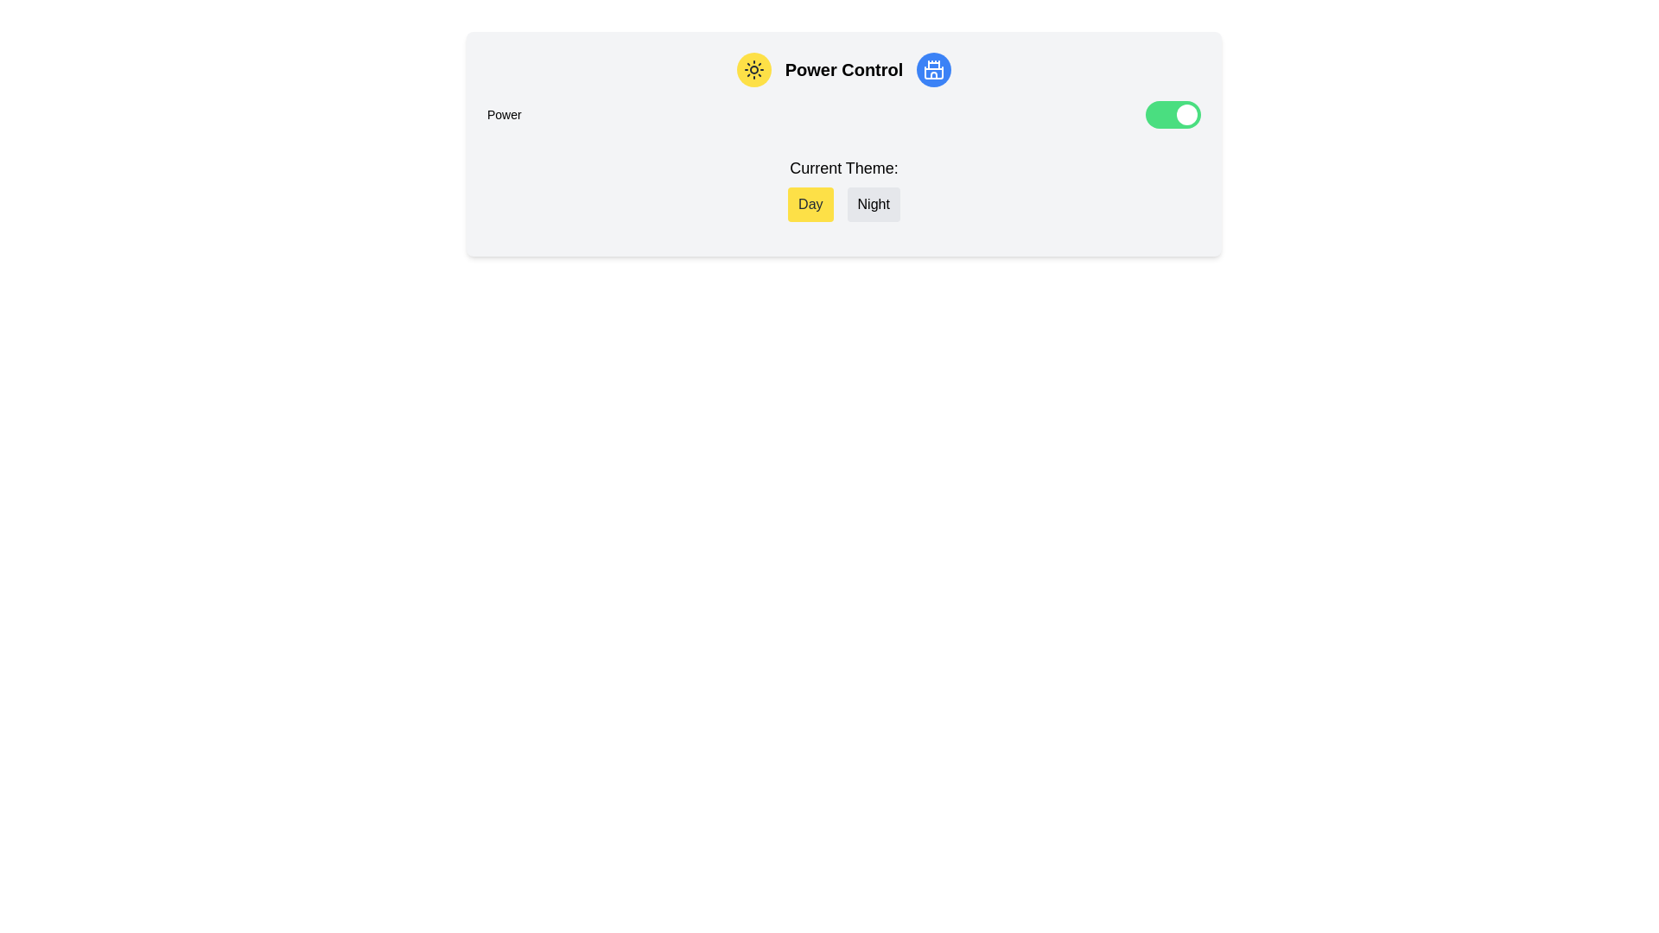 The image size is (1659, 933). I want to click on the rectangular 'Day' button with a bright yellow background and dark gray text, so click(810, 203).